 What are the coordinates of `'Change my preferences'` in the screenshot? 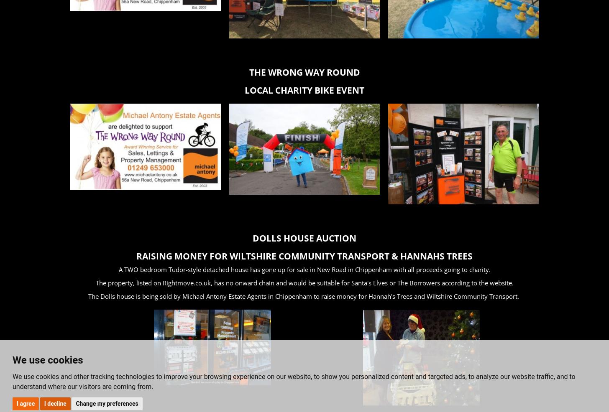 It's located at (106, 403).